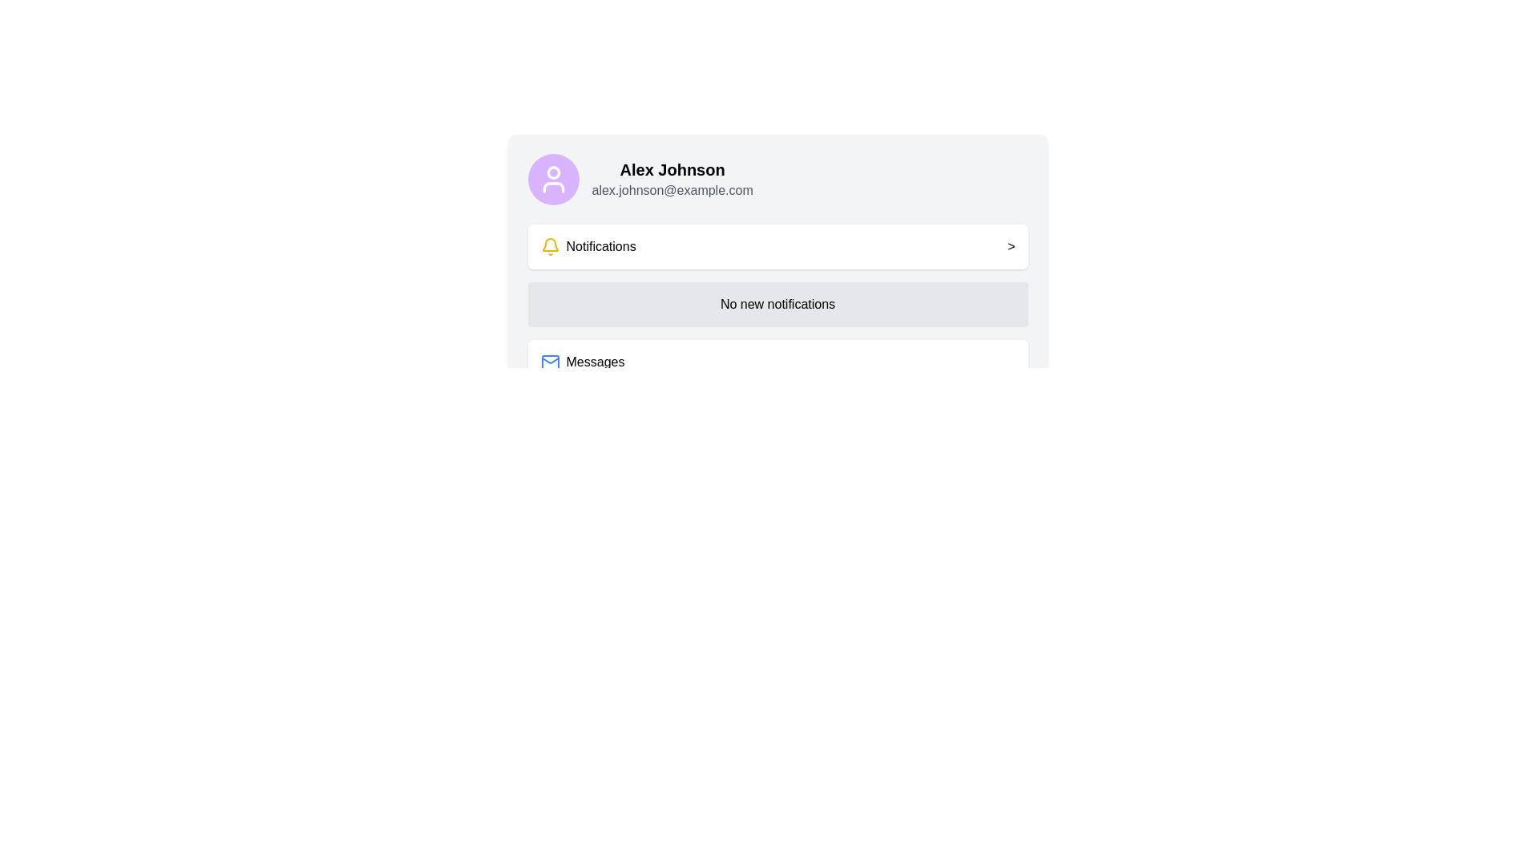  I want to click on the second Clickable Card in the vertical stack that accesses the messages section of the application, so click(778, 362).